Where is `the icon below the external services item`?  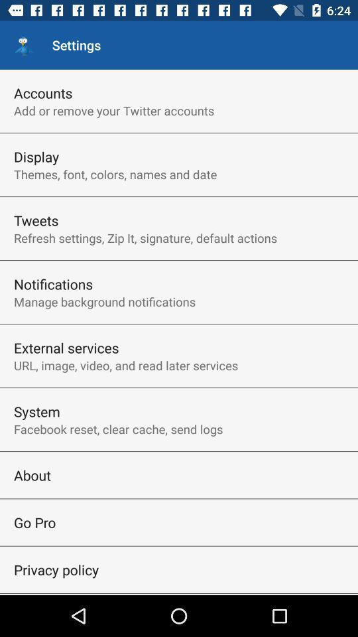
the icon below the external services item is located at coordinates (126, 365).